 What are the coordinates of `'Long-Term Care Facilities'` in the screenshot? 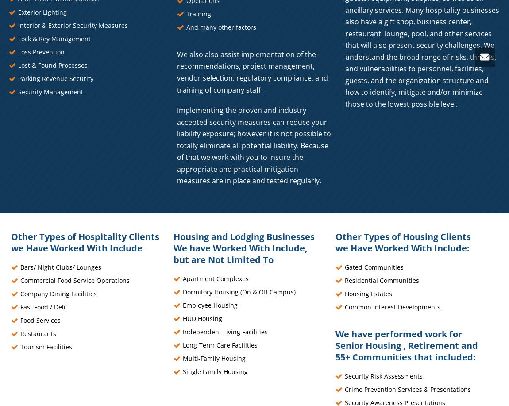 It's located at (220, 344).